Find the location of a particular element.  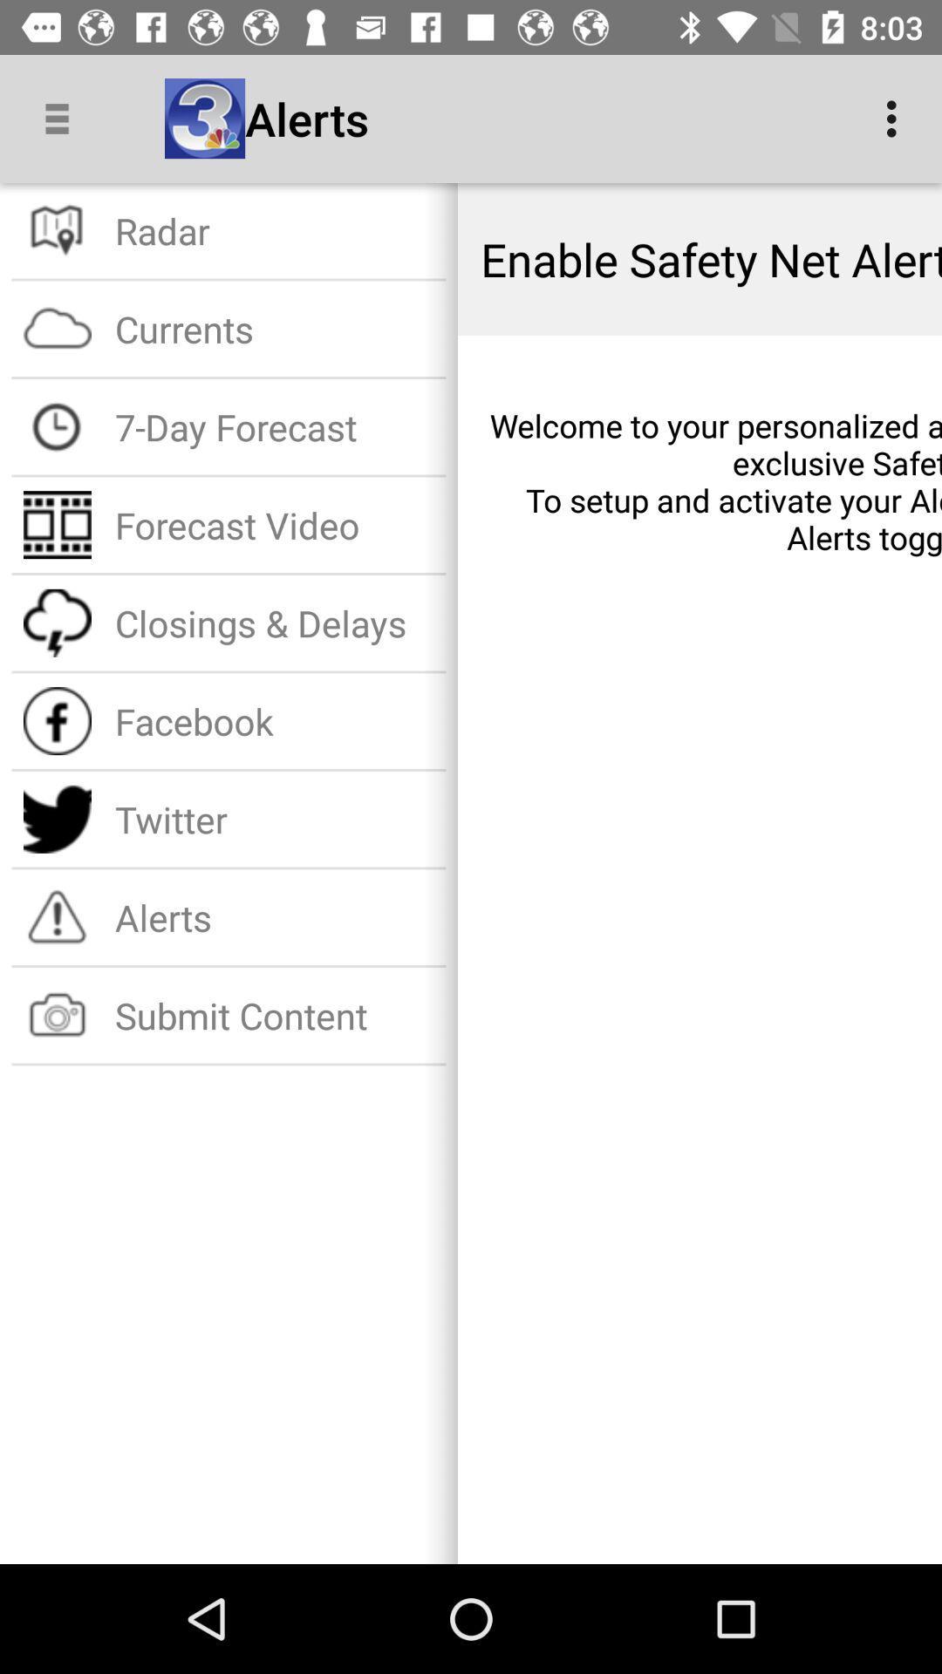

item below closings & delays icon is located at coordinates (275, 721).